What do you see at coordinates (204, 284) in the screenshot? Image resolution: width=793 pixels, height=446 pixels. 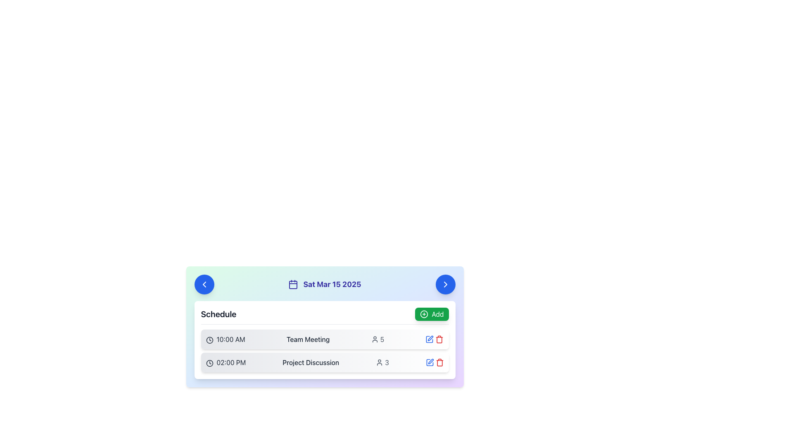 I see `the Chevron Left icon, which is centrally positioned within a blue circular button at the top-left corner of the card interface containing scheduling information` at bounding box center [204, 284].